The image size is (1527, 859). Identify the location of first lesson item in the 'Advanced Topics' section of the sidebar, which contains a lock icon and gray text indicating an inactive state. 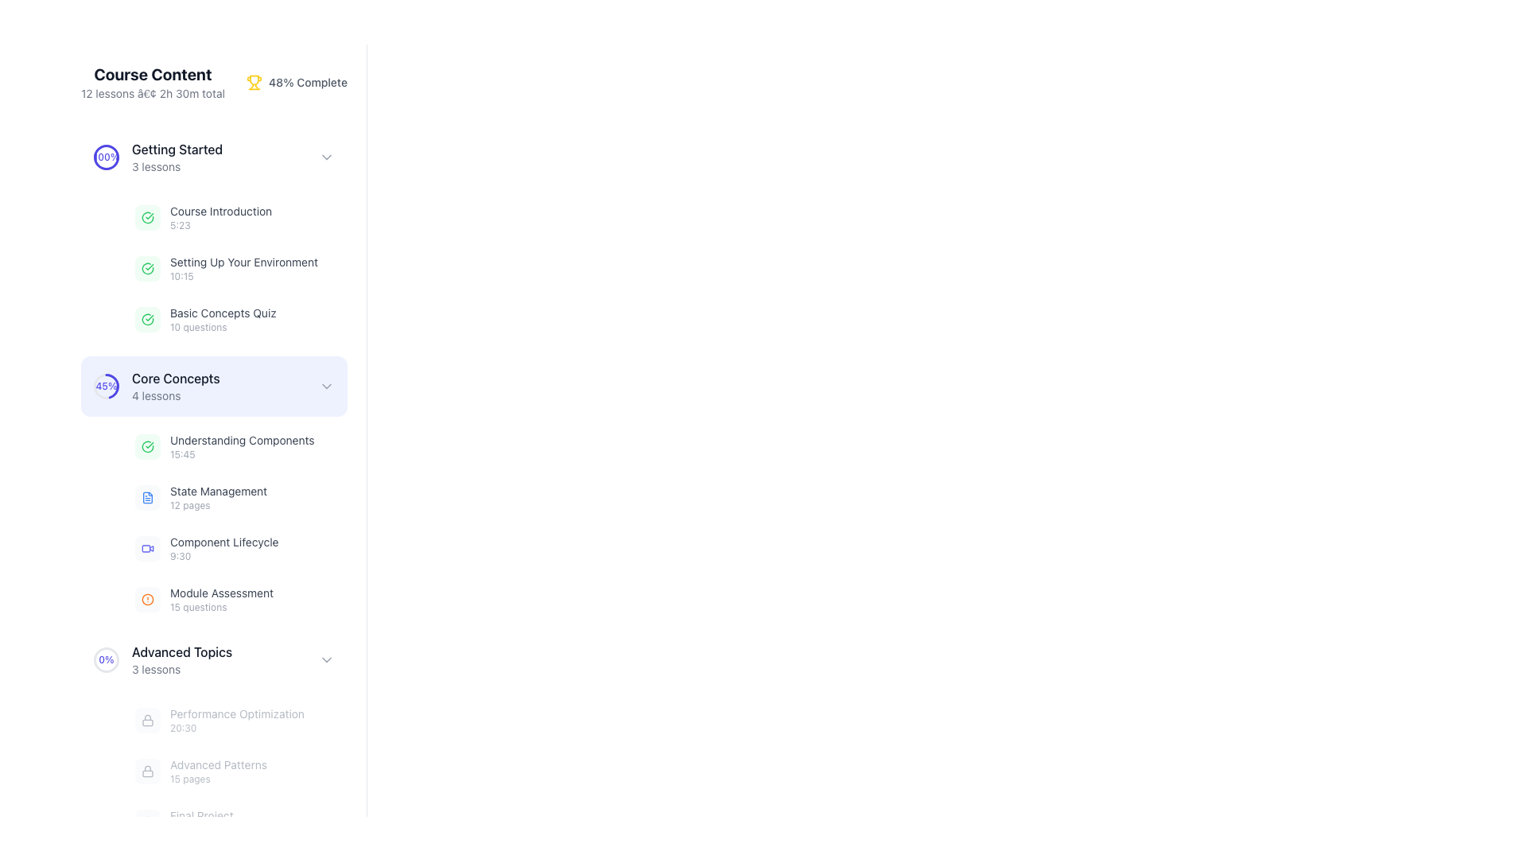
(213, 738).